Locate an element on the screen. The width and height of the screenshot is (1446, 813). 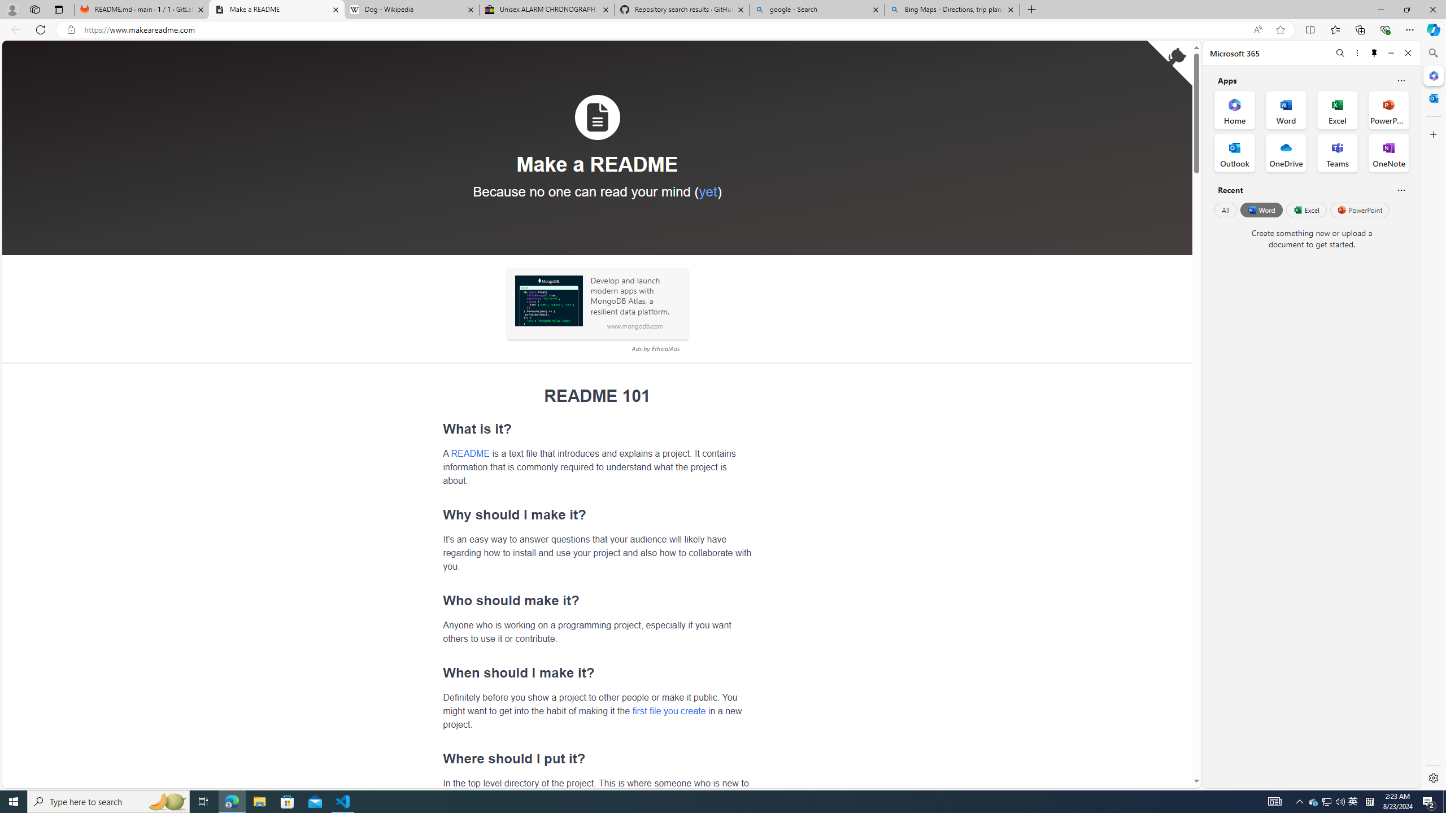
'OneNote Office App' is located at coordinates (1388, 153).